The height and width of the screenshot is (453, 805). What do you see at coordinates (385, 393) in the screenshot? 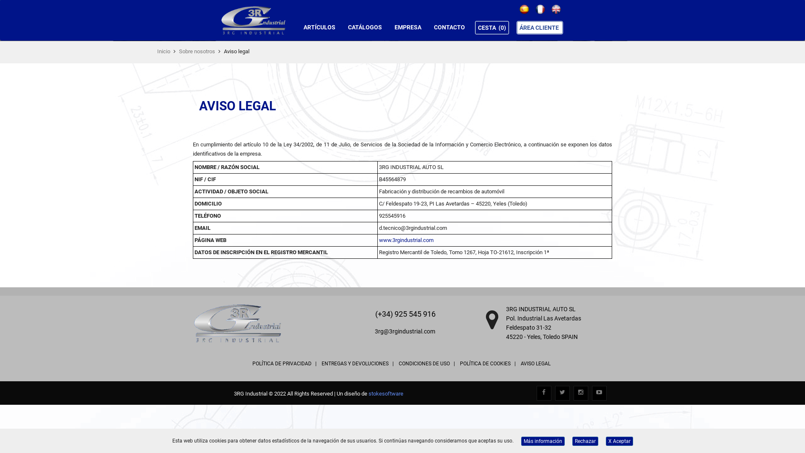
I see `'stokesoftware'` at bounding box center [385, 393].